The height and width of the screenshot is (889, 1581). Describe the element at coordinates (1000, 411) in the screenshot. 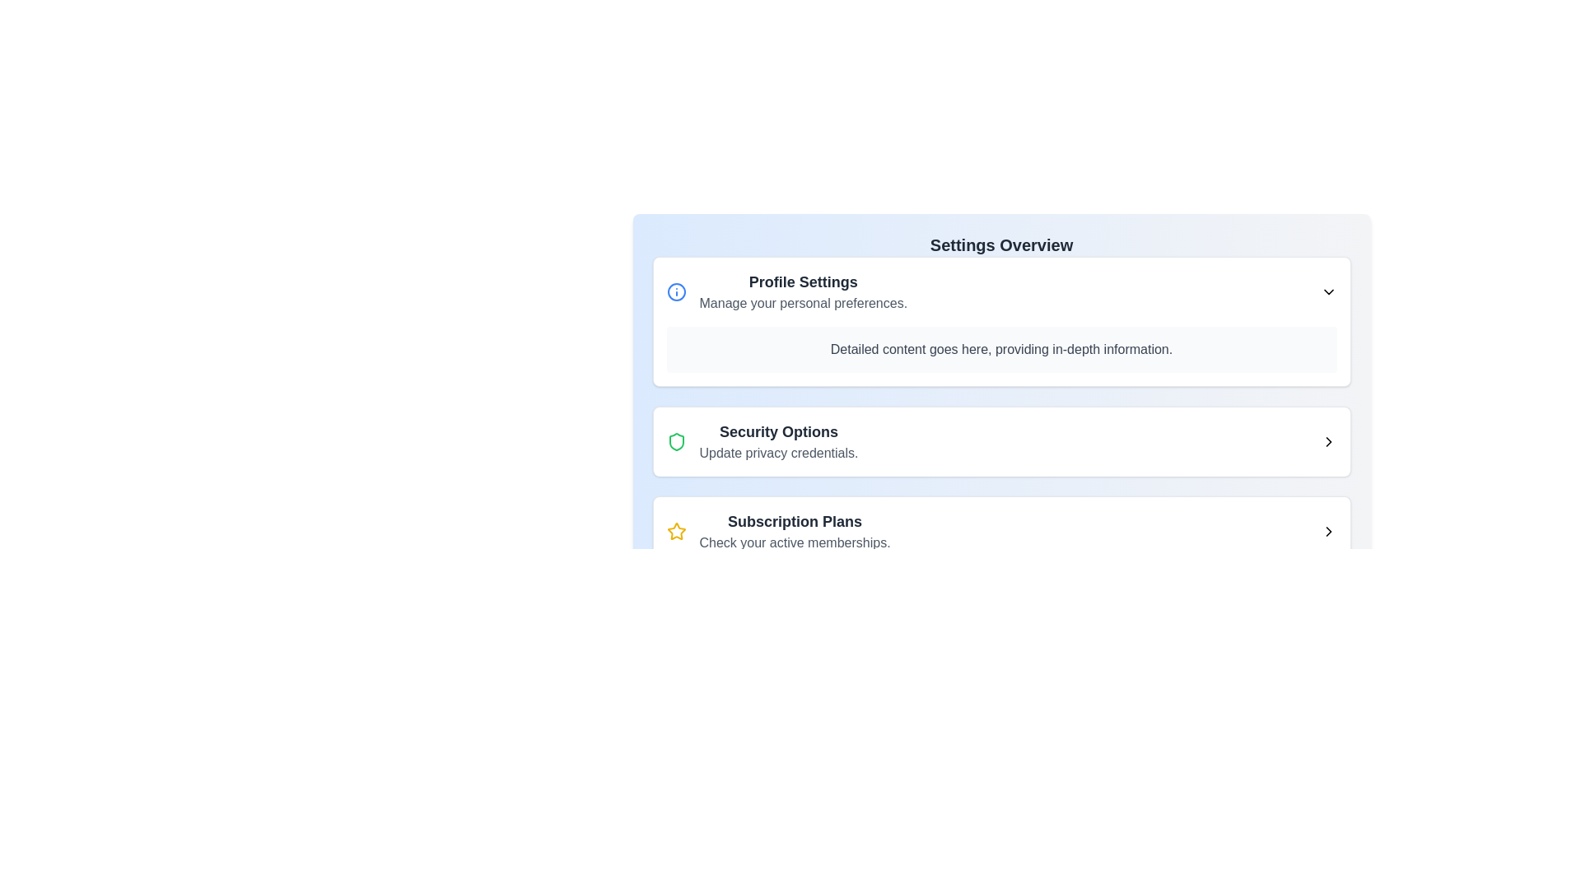

I see `the second card item in the 'Settings Overview' section, which provides options related to updating privacy credentials` at that location.